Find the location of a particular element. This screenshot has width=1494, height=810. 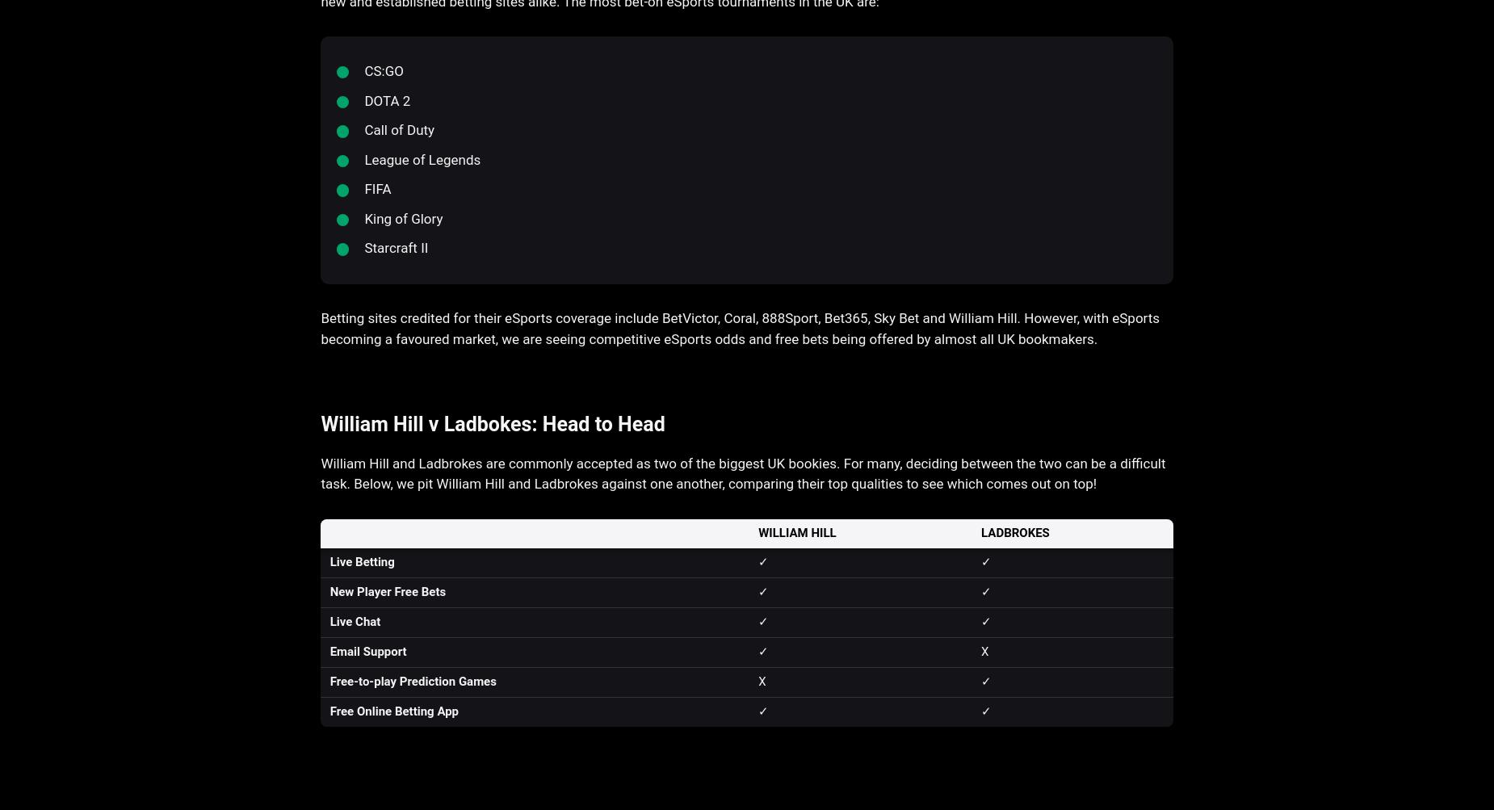

'Email Support' is located at coordinates (367, 652).